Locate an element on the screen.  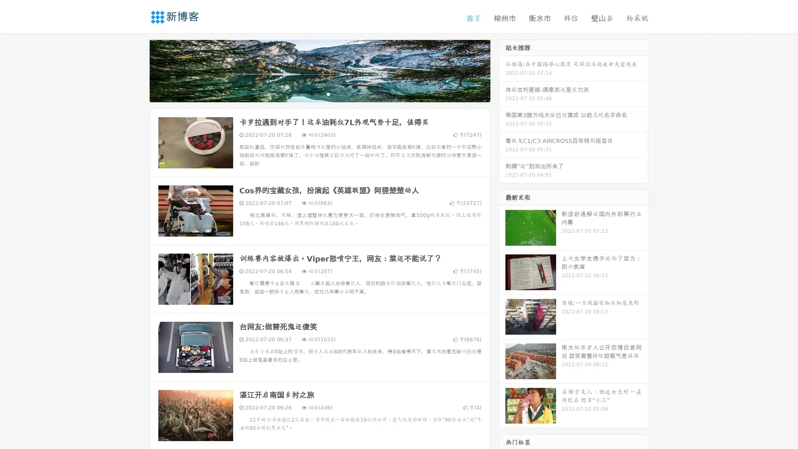
Previous slide is located at coordinates (137, 70).